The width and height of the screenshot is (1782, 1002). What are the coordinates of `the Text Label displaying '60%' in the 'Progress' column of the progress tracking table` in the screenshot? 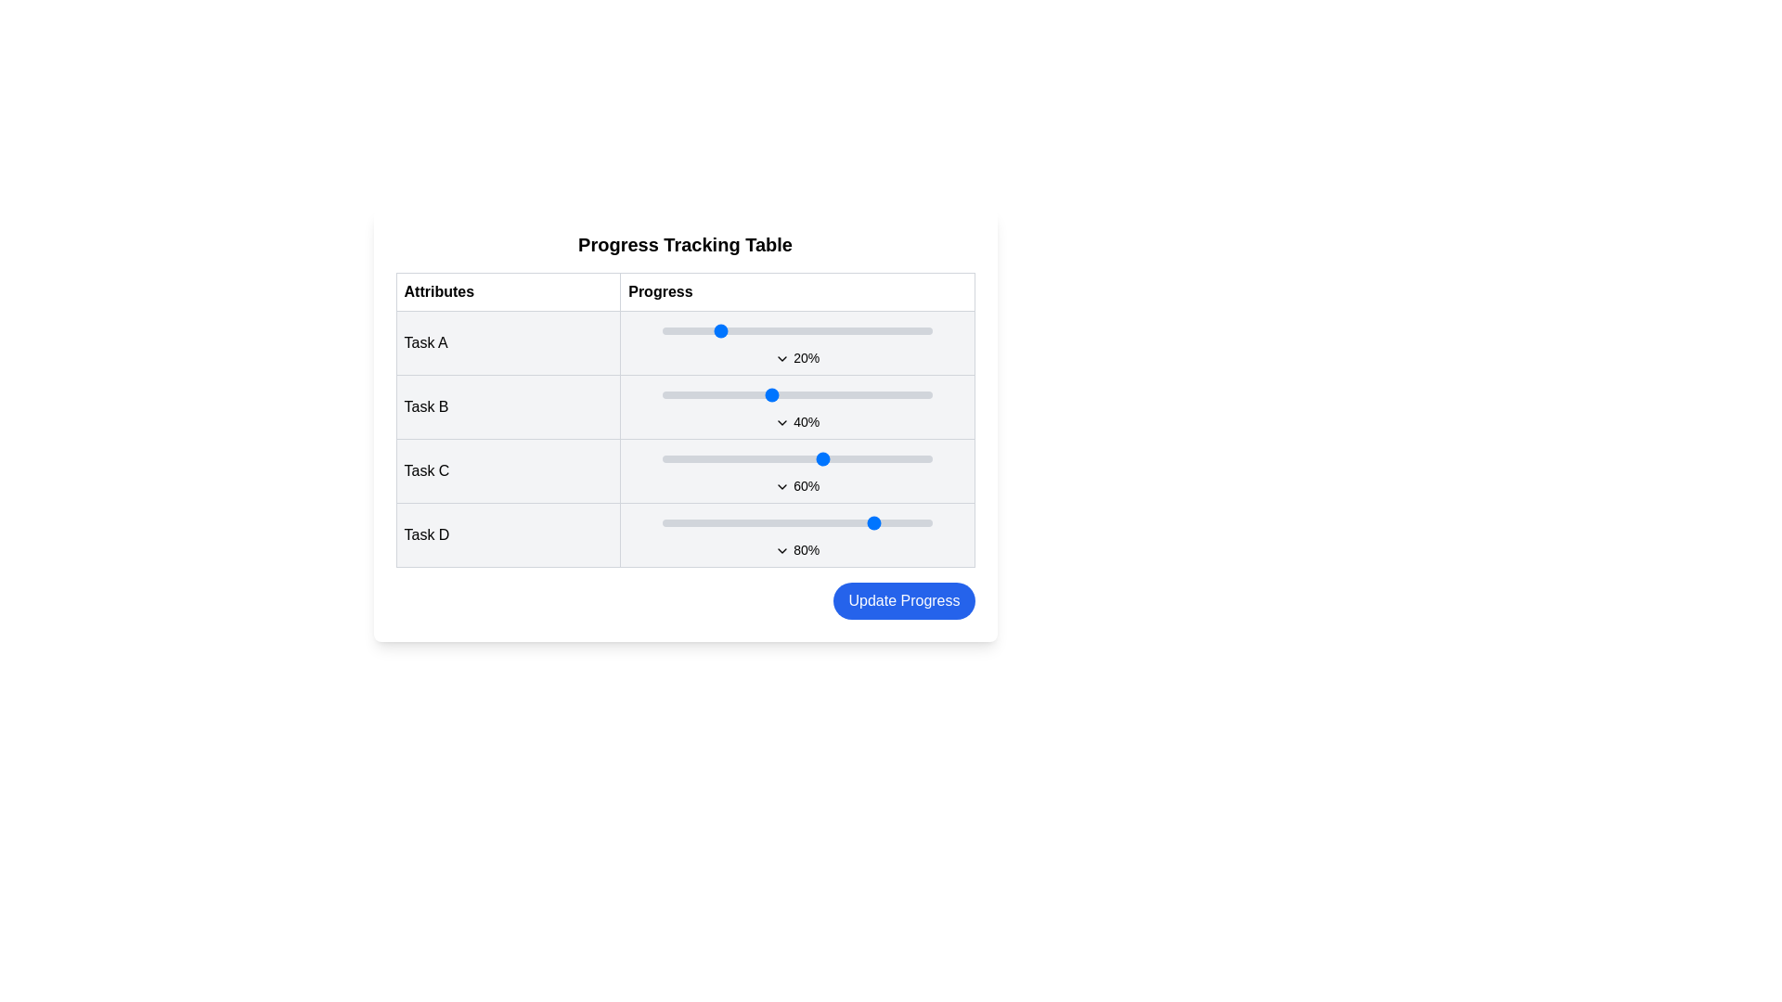 It's located at (797, 482).